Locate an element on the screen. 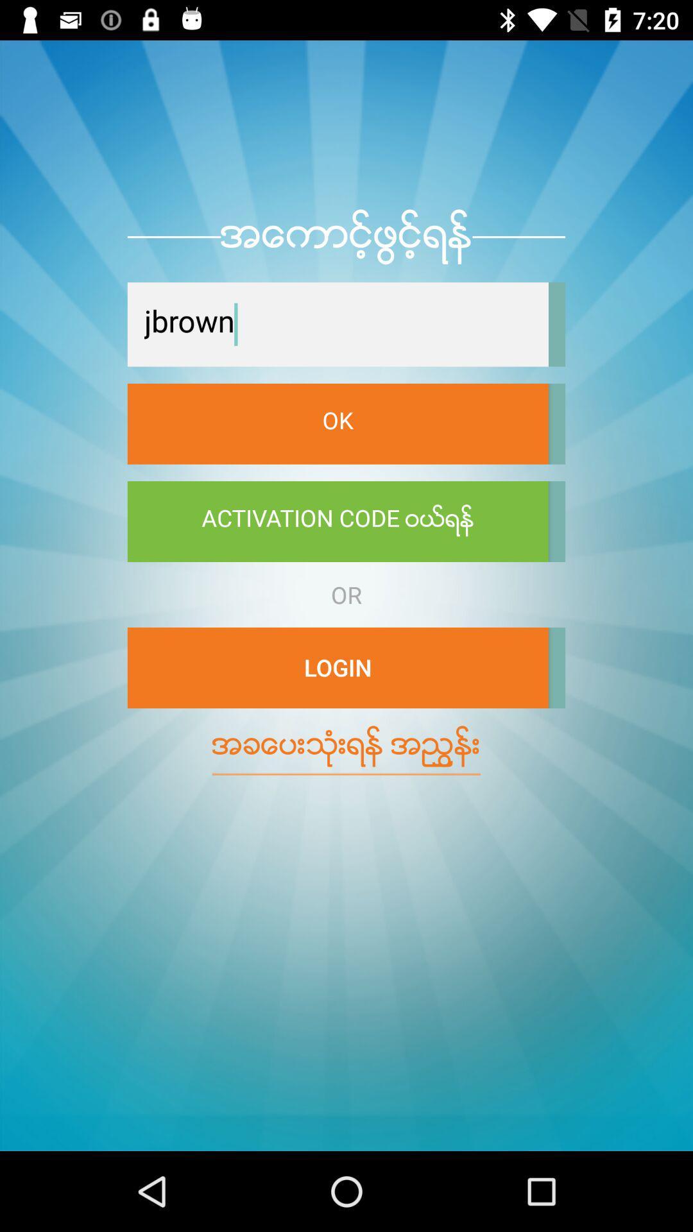  login item is located at coordinates (337, 667).